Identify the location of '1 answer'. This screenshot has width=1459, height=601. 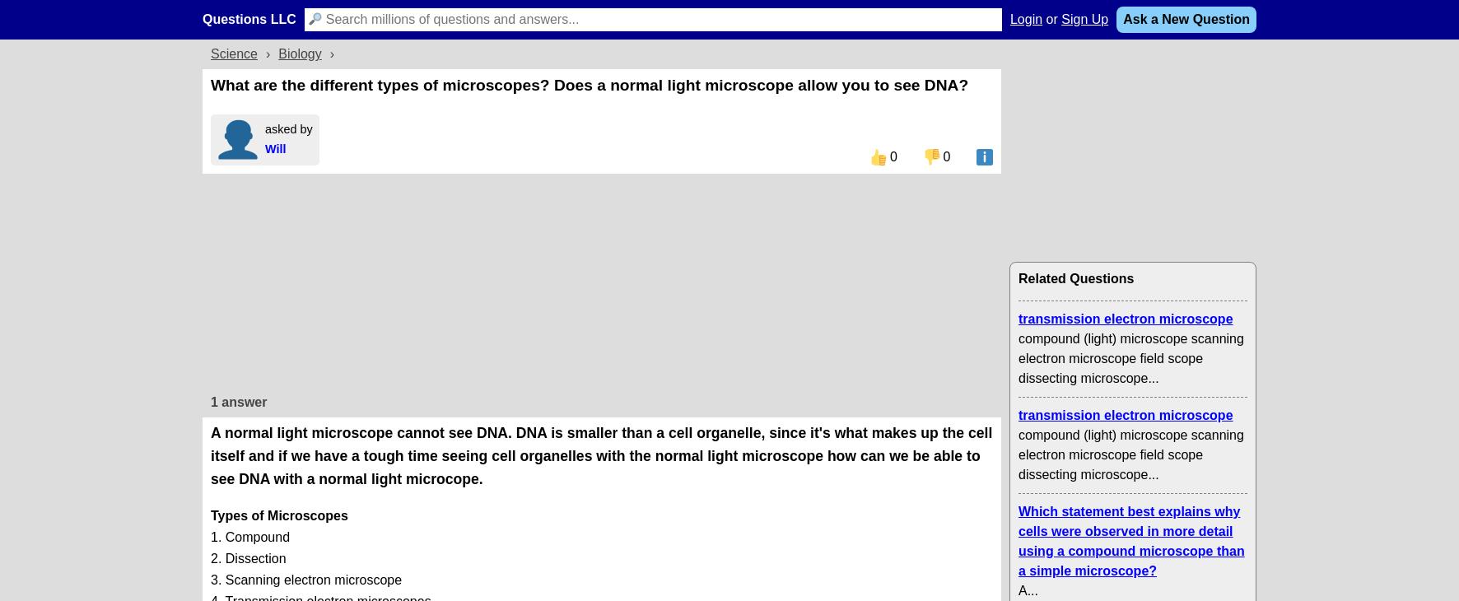
(210, 400).